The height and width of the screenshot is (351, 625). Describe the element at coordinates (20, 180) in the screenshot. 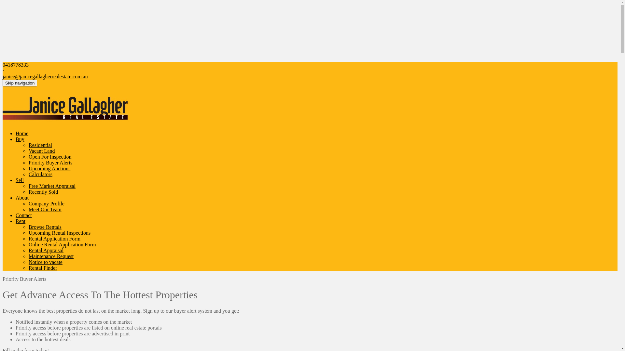

I see `'Sell'` at that location.